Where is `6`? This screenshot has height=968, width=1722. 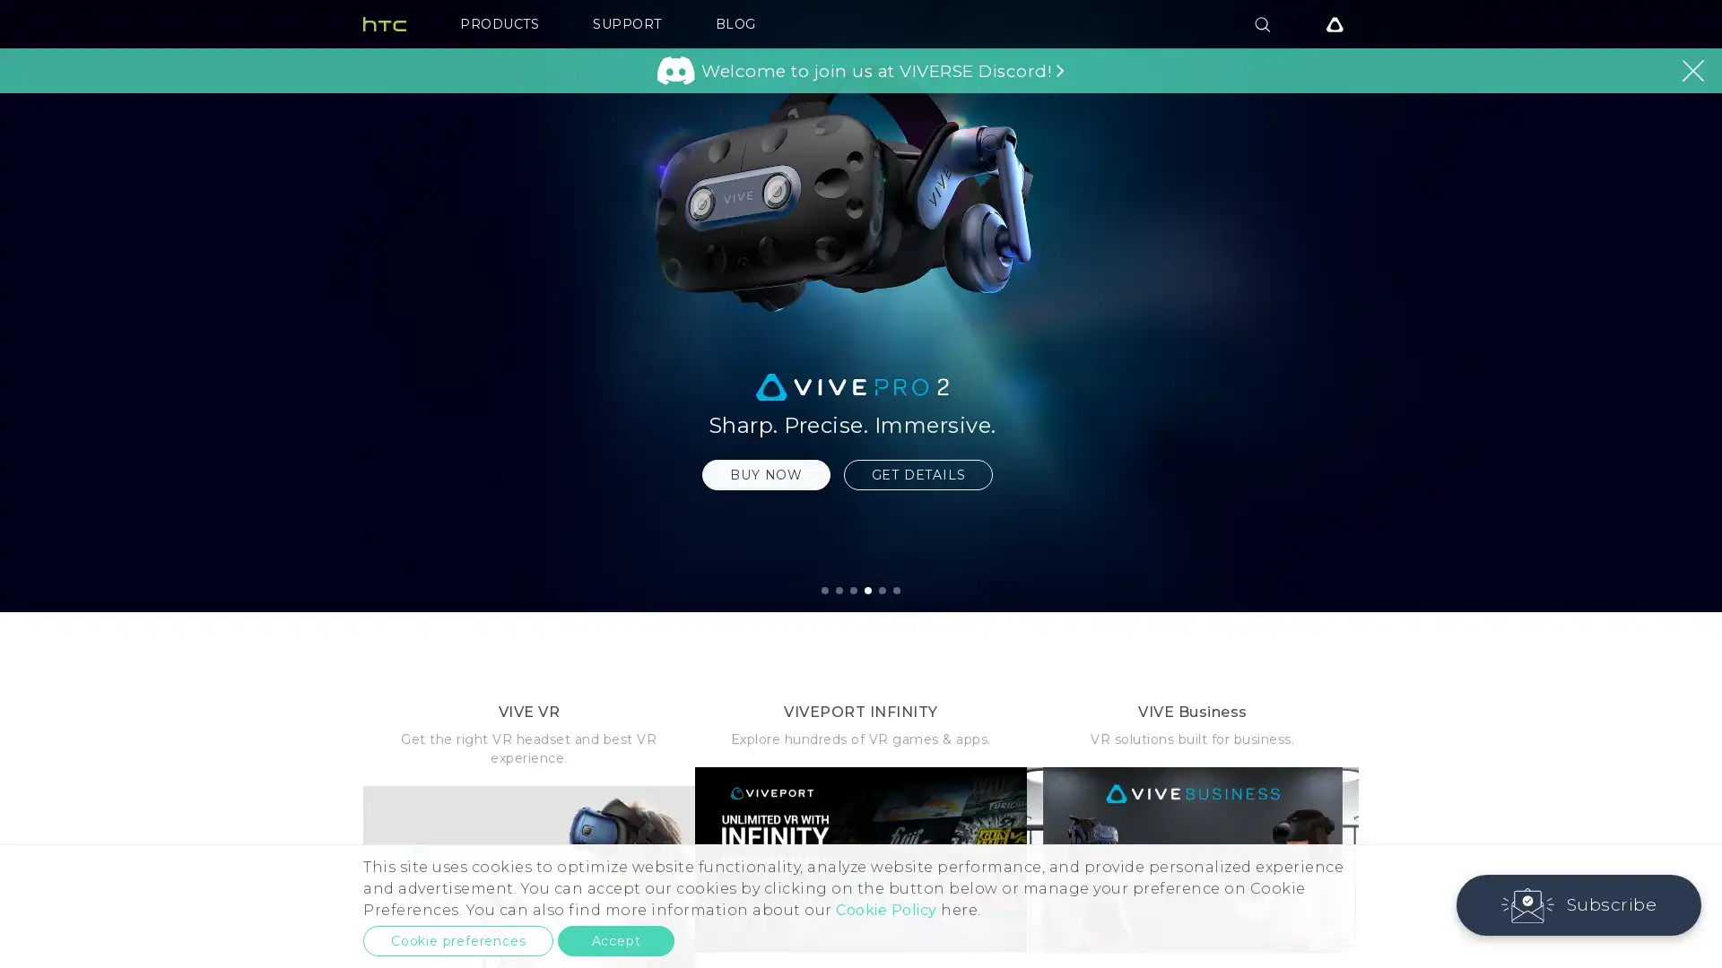
6 is located at coordinates (896, 591).